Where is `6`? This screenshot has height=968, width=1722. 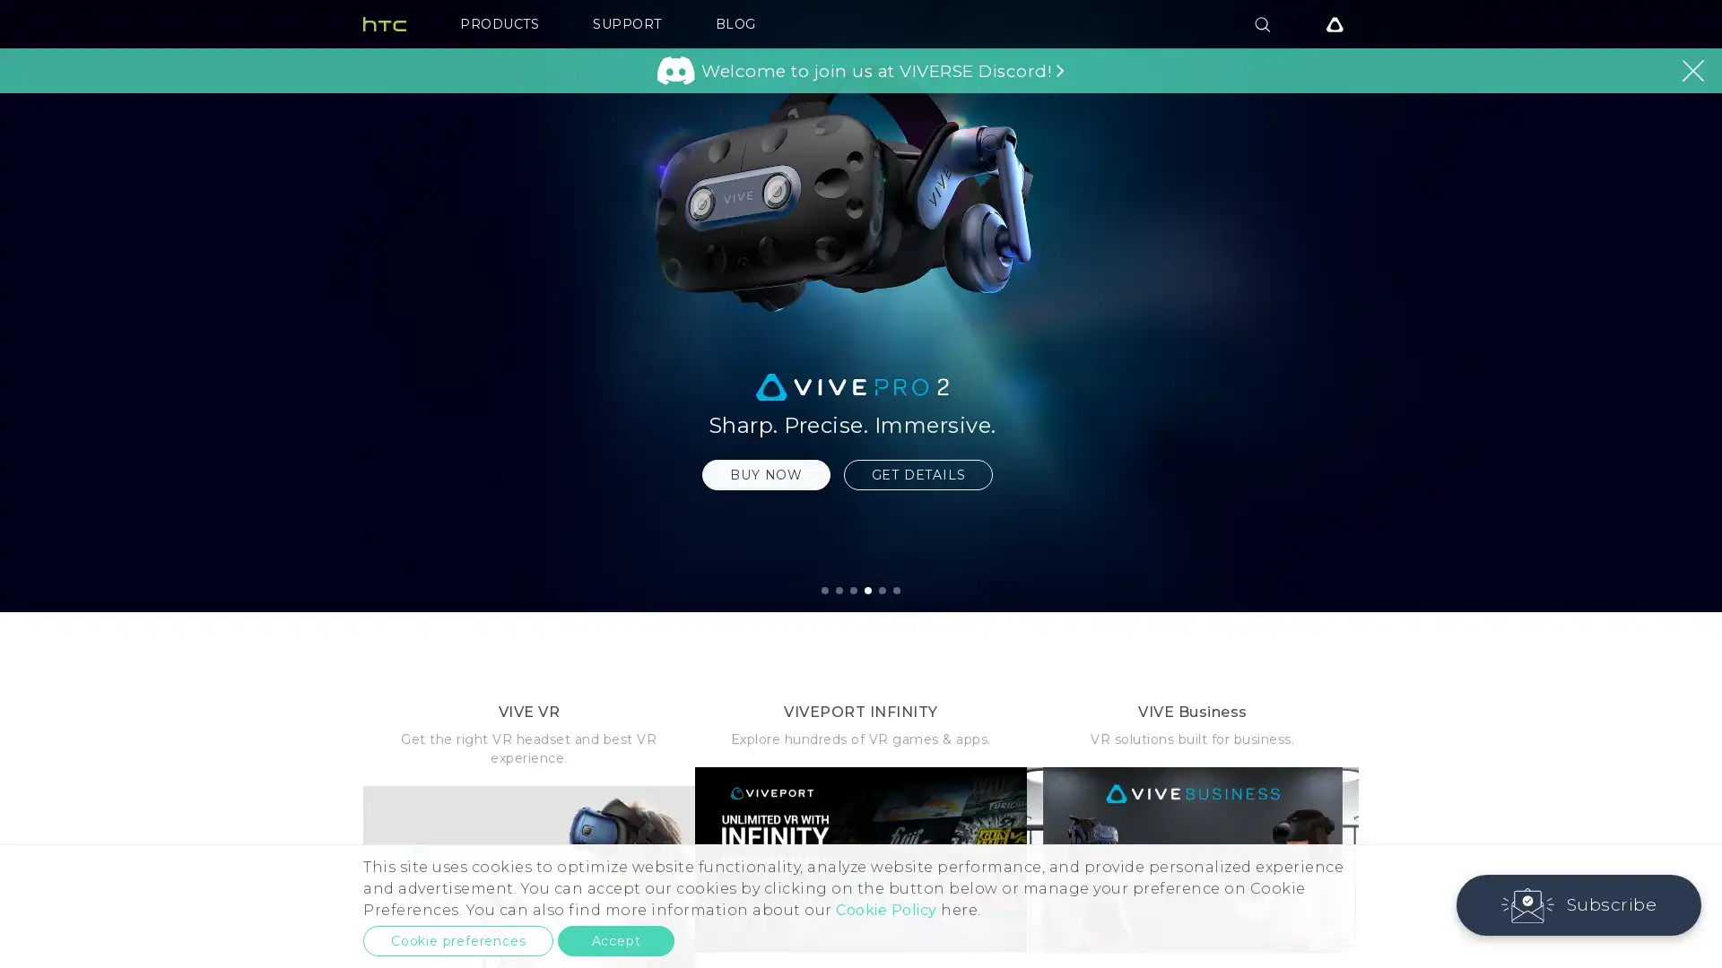
6 is located at coordinates (896, 591).